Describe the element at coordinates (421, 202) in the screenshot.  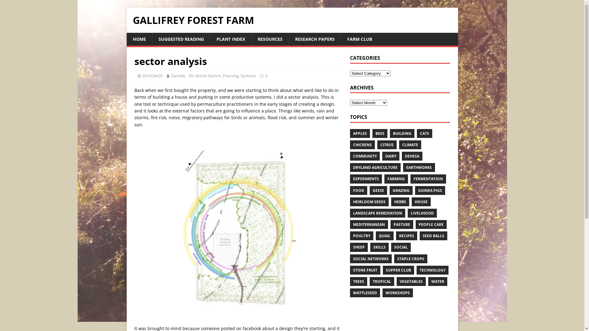
I see `'HOUSE'` at that location.